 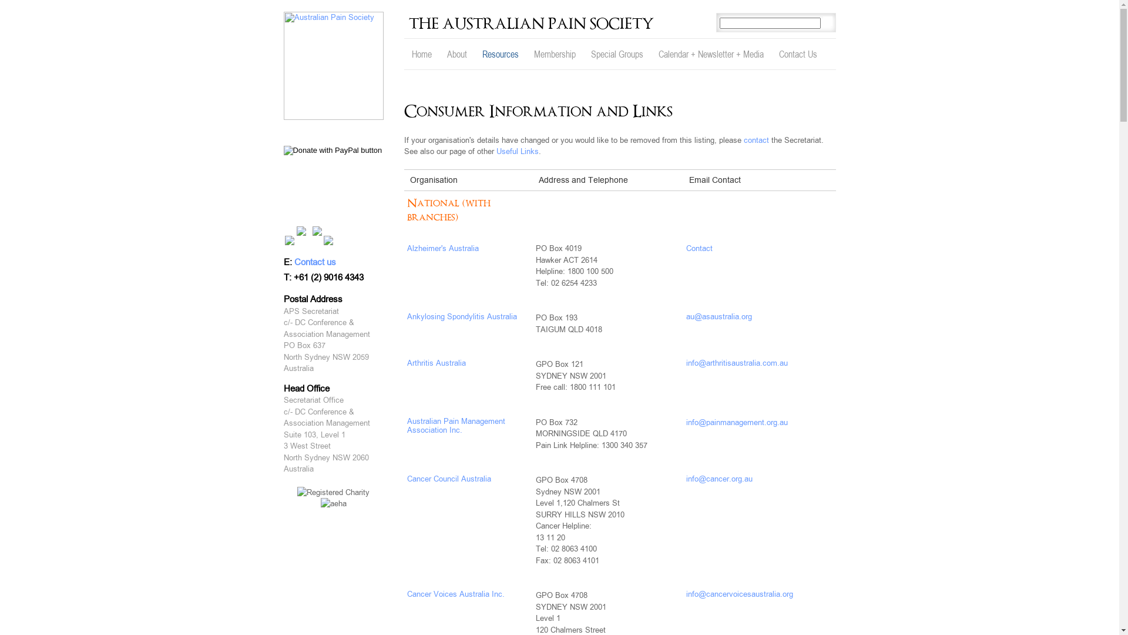 I want to click on 'au@asaustralia.org', so click(x=719, y=316).